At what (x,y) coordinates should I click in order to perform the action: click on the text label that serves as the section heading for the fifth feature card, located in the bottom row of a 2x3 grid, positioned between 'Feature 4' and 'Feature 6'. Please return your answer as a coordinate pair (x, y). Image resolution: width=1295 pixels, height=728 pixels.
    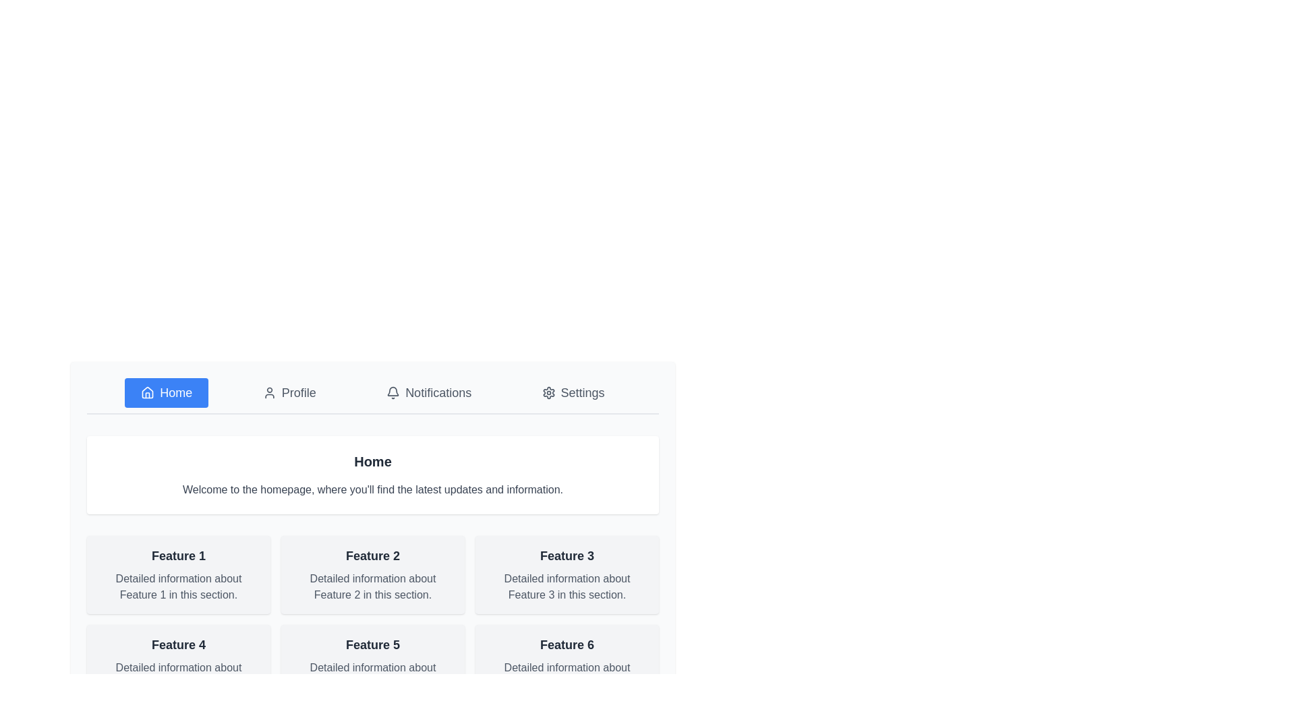
    Looking at the image, I should click on (372, 644).